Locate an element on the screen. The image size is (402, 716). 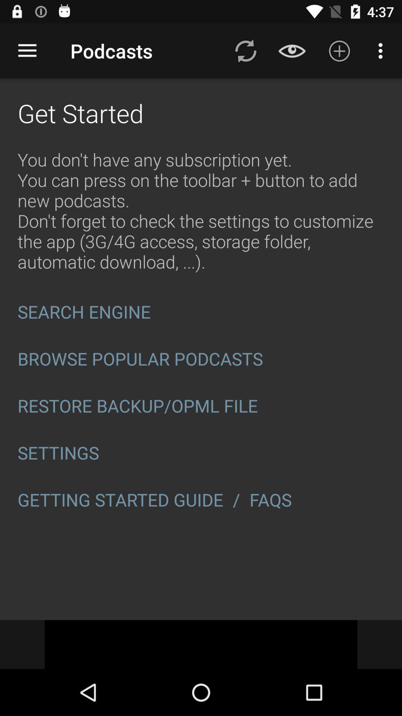
the icon next to podcasts is located at coordinates (27, 50).